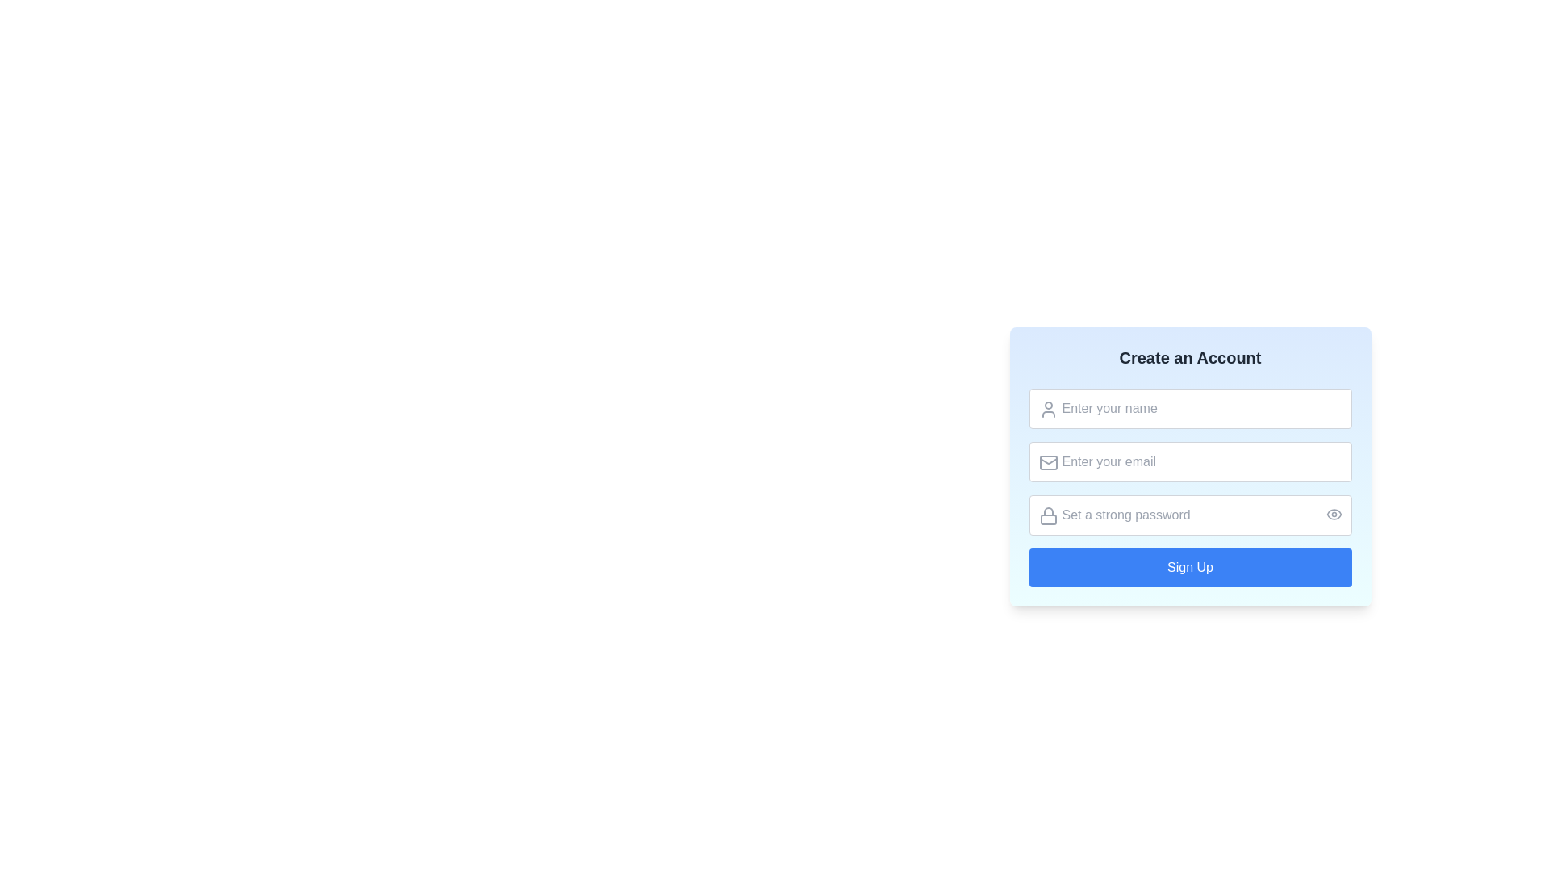  What do you see at coordinates (1334, 514) in the screenshot?
I see `the visibility toggle icon button located to the right of the password input field` at bounding box center [1334, 514].